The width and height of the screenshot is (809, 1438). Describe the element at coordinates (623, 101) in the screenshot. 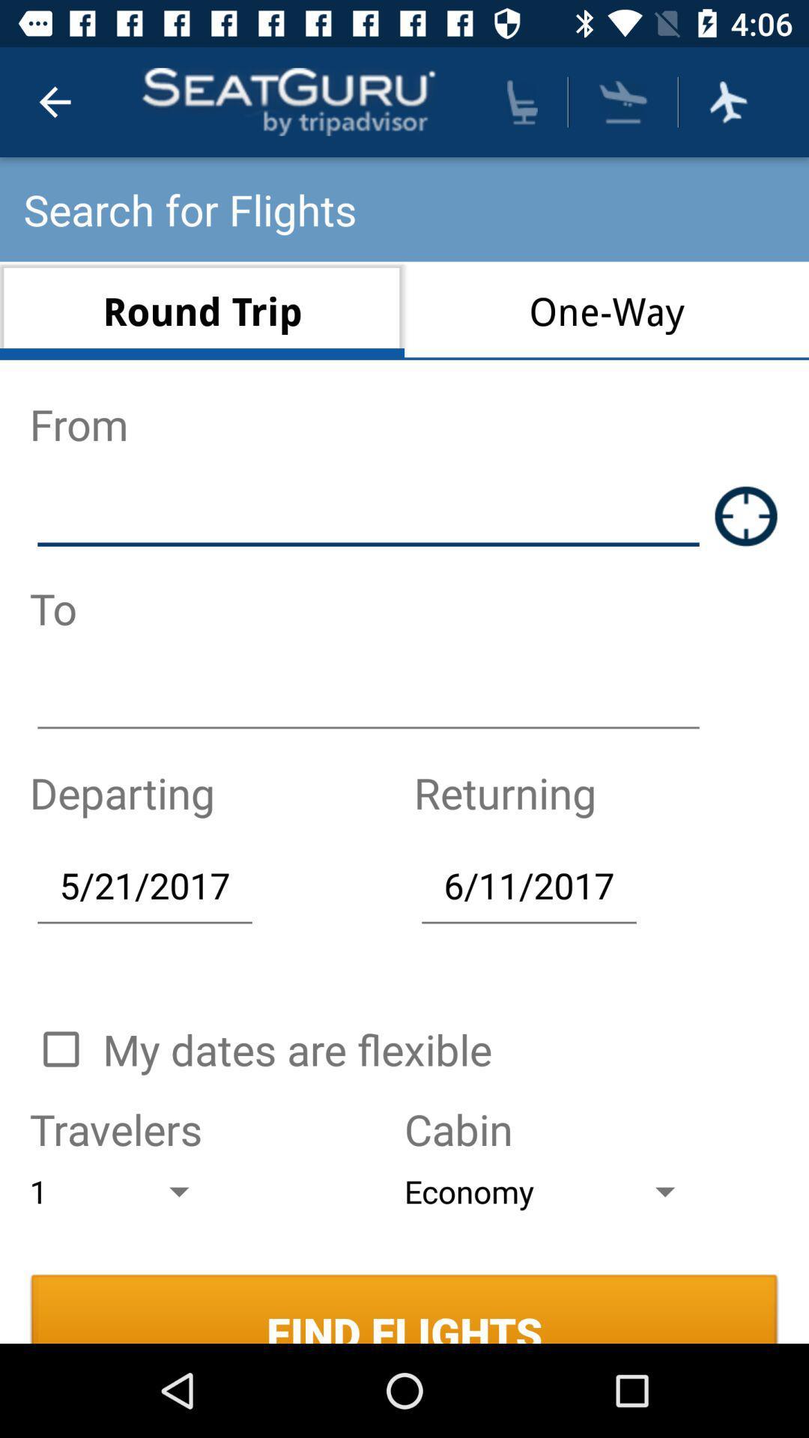

I see `vew arrivals` at that location.